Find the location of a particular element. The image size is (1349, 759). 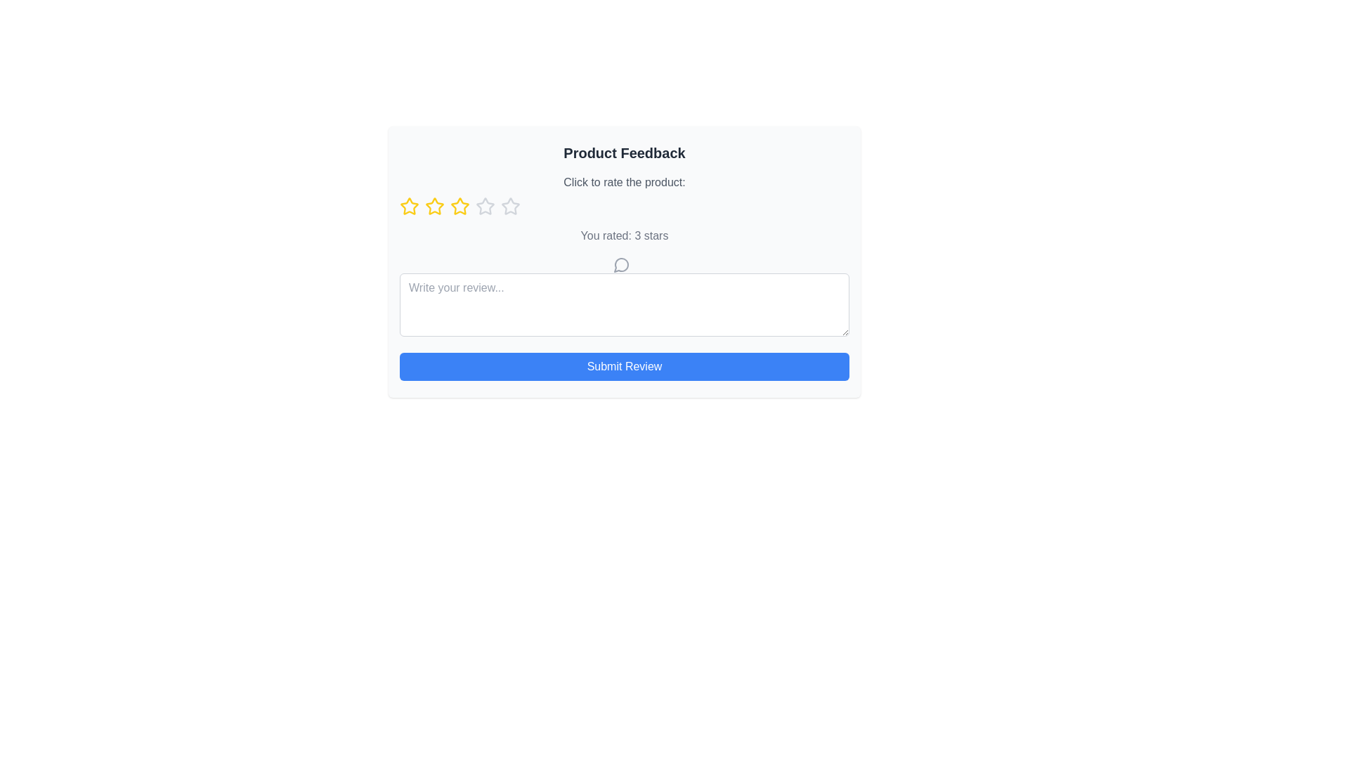

the third star in a horizontal sequence of five stars, which is styled with a yellow outline and part of a rating system in the product feedback form is located at coordinates (460, 206).